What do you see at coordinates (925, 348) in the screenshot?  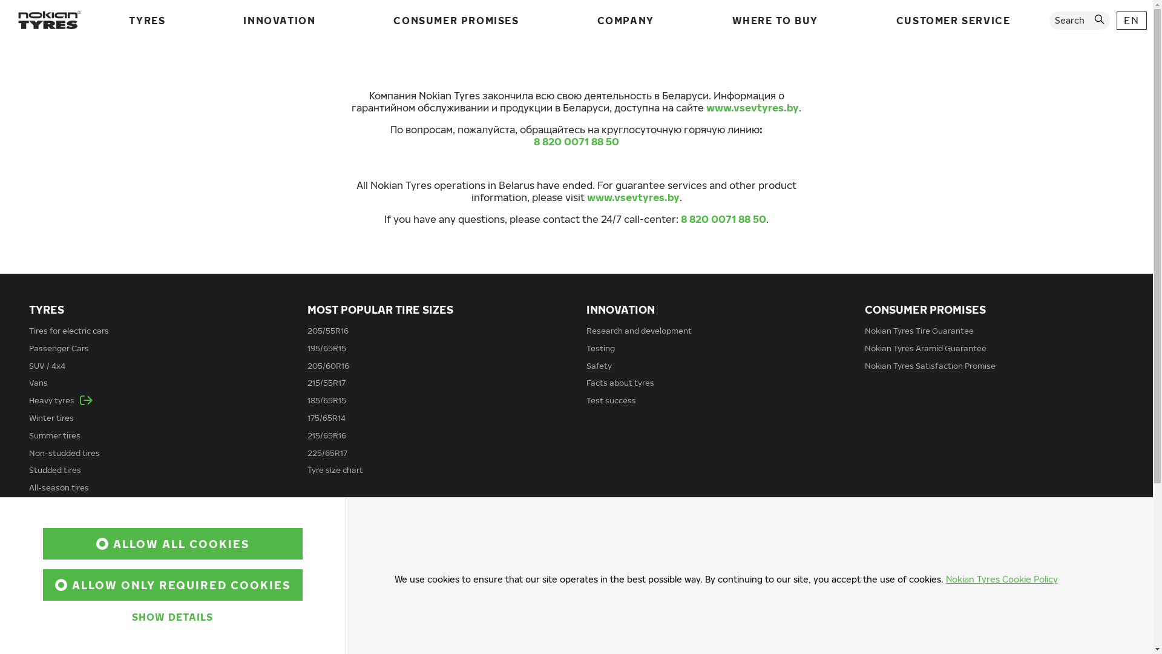 I see `'Nokian Tyres Aramid Guarantee'` at bounding box center [925, 348].